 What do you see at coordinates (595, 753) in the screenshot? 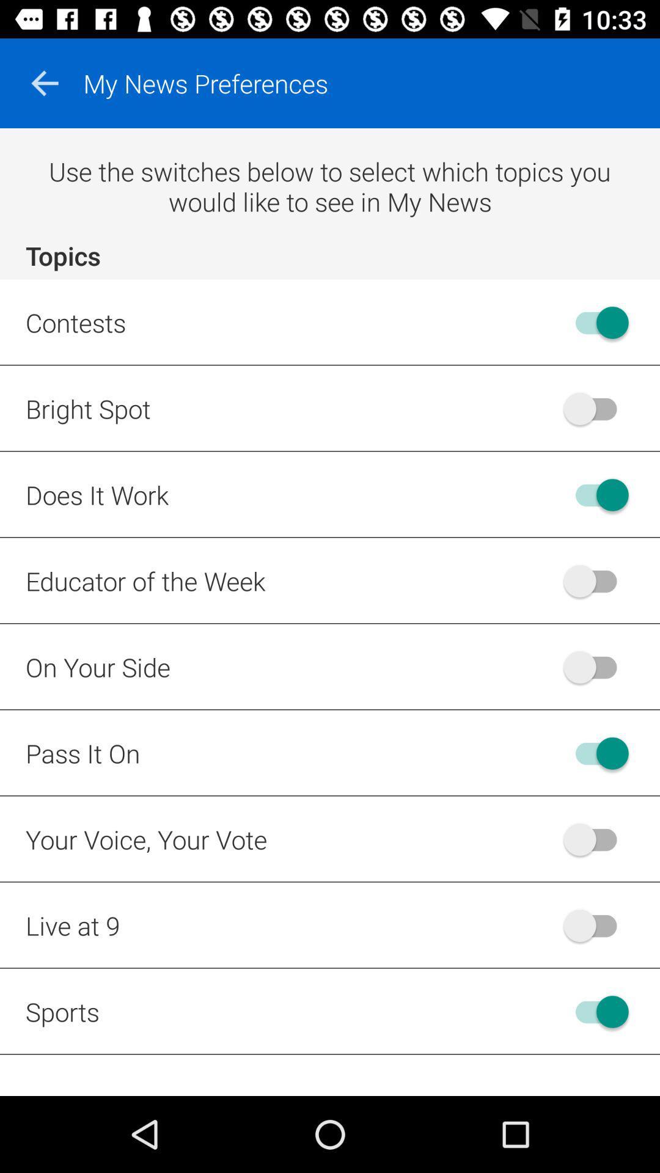
I see `pass it on option` at bounding box center [595, 753].